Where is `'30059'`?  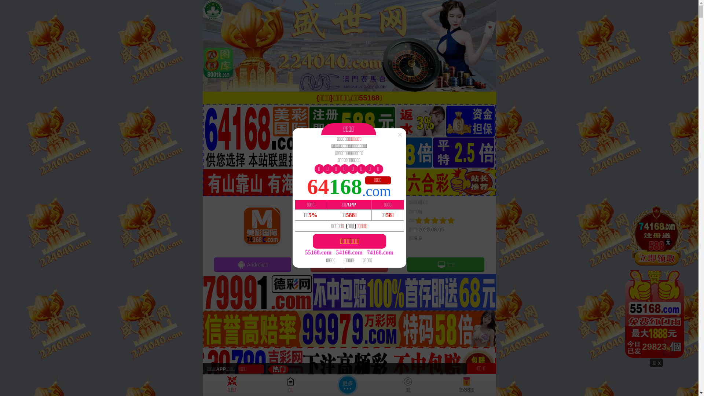
'30059' is located at coordinates (656, 281).